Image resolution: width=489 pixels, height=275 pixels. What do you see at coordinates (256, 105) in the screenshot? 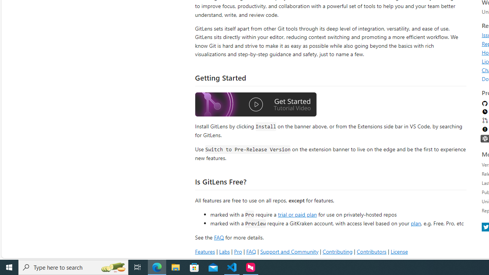
I see `'Watch the GitLens Getting Started video'` at bounding box center [256, 105].